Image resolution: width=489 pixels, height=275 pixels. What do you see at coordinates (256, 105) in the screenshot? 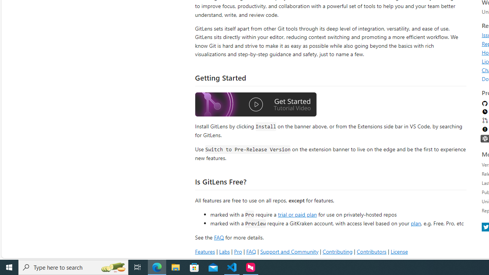
I see `'Watch the GitLens Getting Started video'` at bounding box center [256, 105].